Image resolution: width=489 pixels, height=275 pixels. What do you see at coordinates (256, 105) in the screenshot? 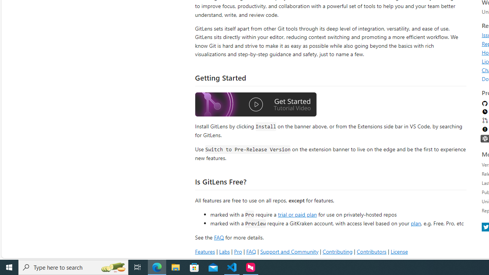
I see `'Watch the GitLens Getting Started video'` at bounding box center [256, 105].